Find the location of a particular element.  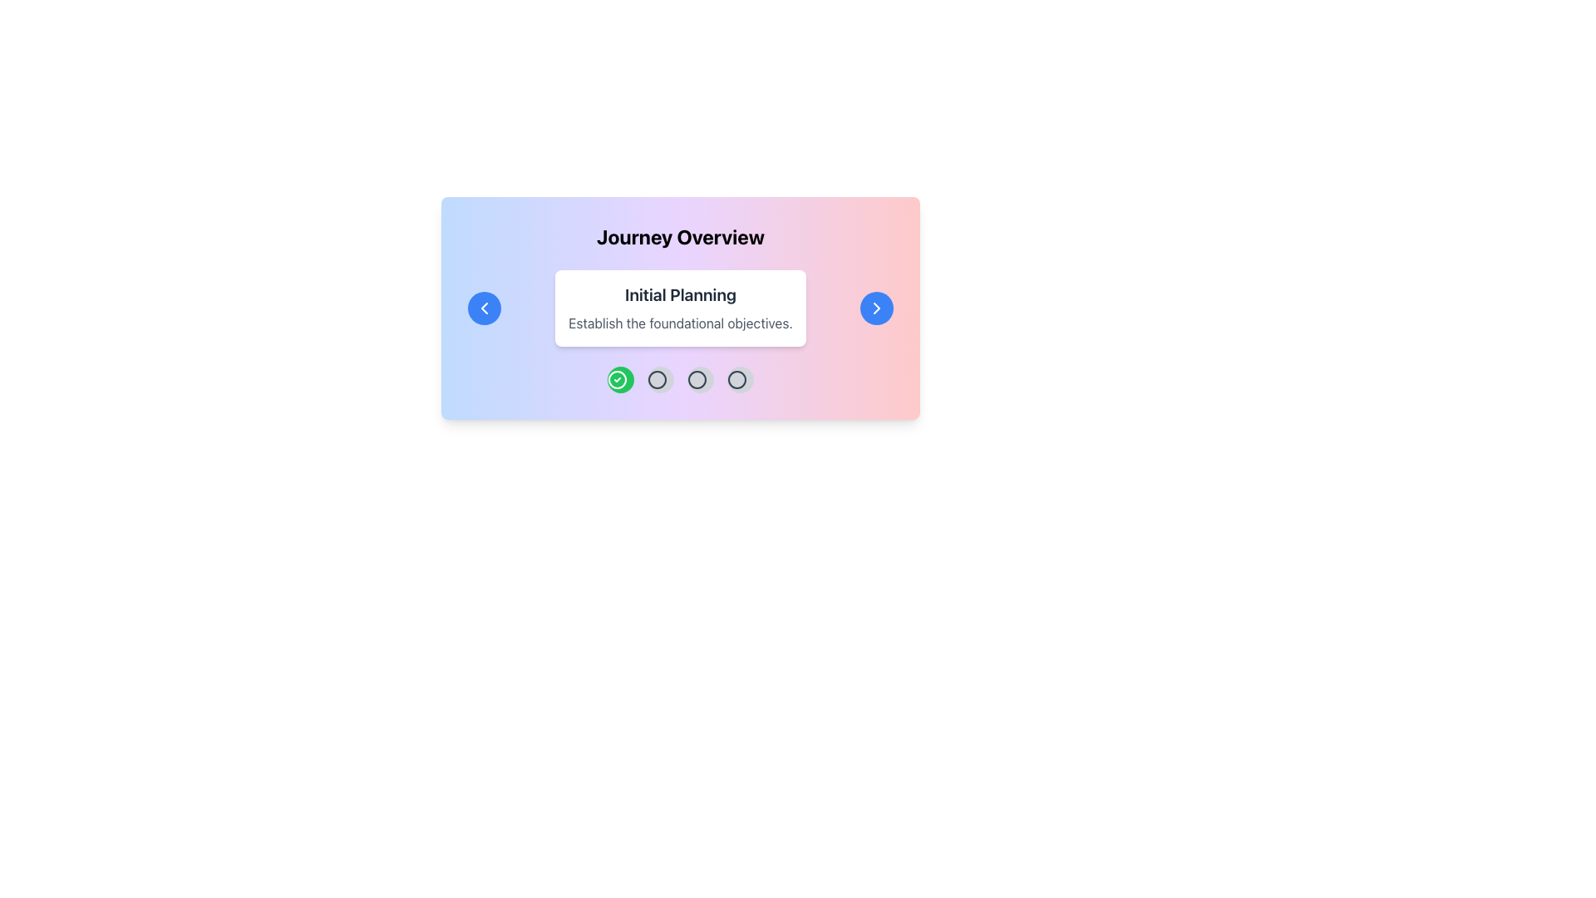

the second circular icon with a hollow gray outline located below the 'Initial Planning' card in the 'Journey Overview' section is located at coordinates (697, 379).